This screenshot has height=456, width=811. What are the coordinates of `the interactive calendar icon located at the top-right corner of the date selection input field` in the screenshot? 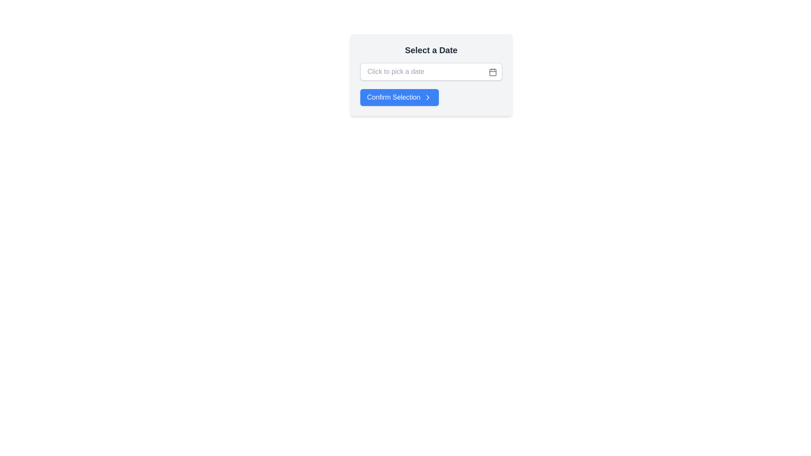 It's located at (493, 71).